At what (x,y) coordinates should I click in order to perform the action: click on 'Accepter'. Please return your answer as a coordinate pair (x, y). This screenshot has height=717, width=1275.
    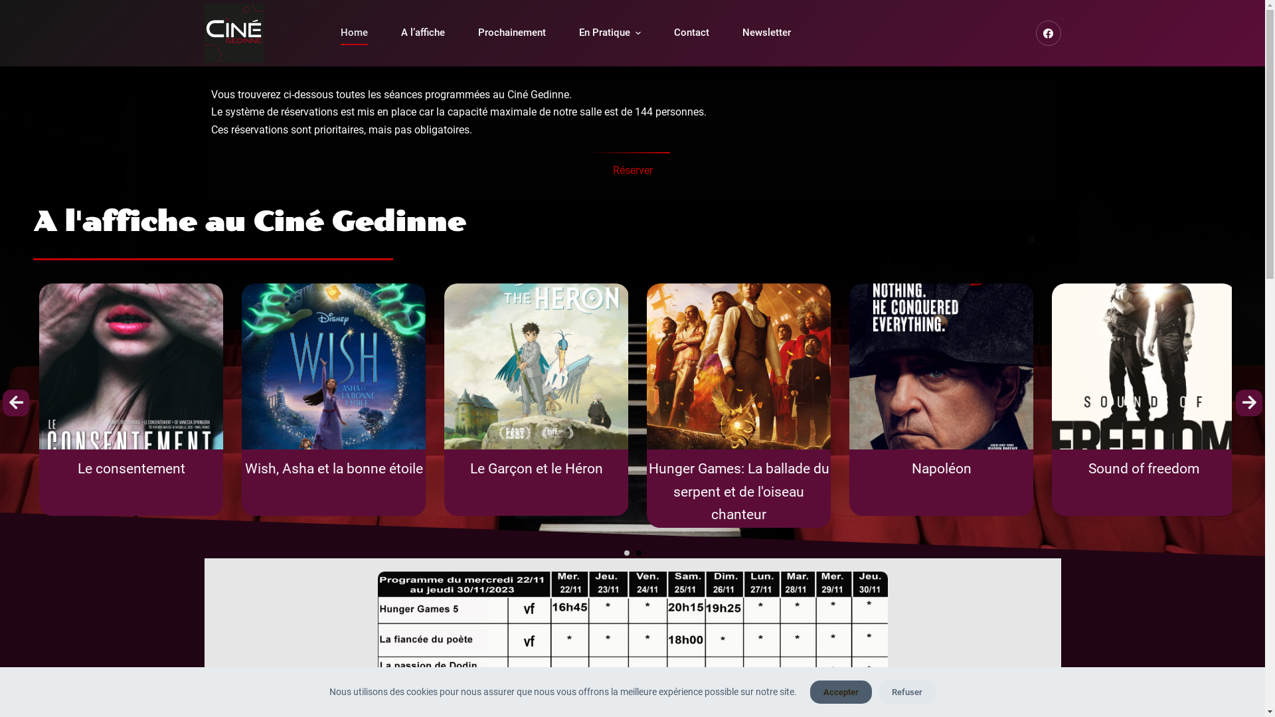
    Looking at the image, I should click on (809, 691).